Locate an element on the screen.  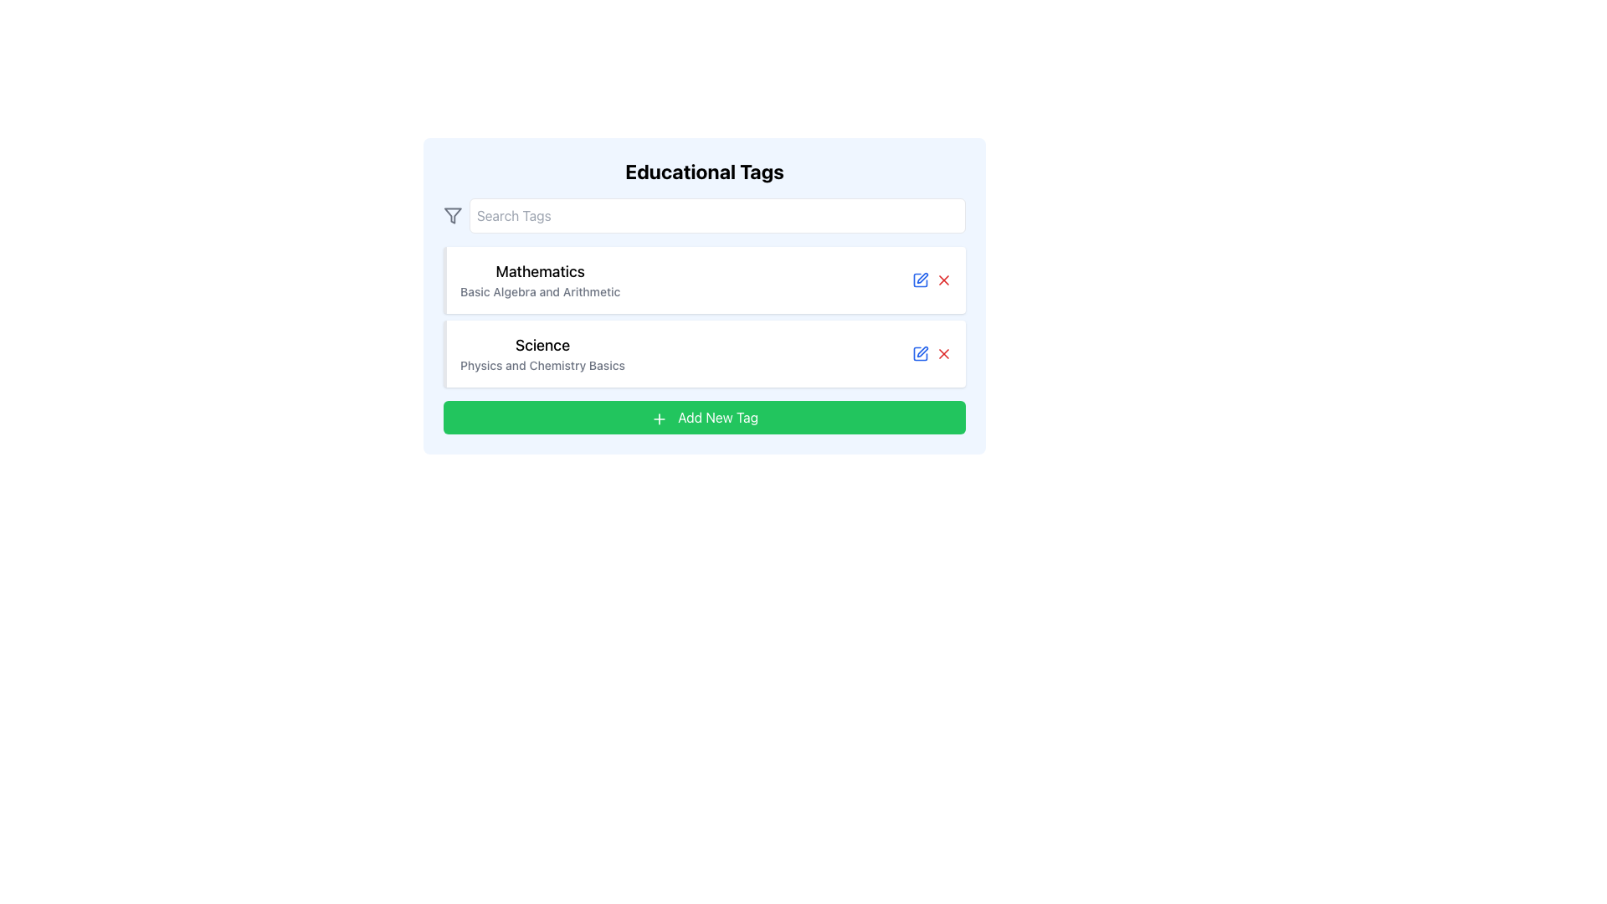
the informational text label providing a description for the topic 'Mathematics', which specifies 'Basic Algebra and Arithmetic.' is located at coordinates (540, 290).